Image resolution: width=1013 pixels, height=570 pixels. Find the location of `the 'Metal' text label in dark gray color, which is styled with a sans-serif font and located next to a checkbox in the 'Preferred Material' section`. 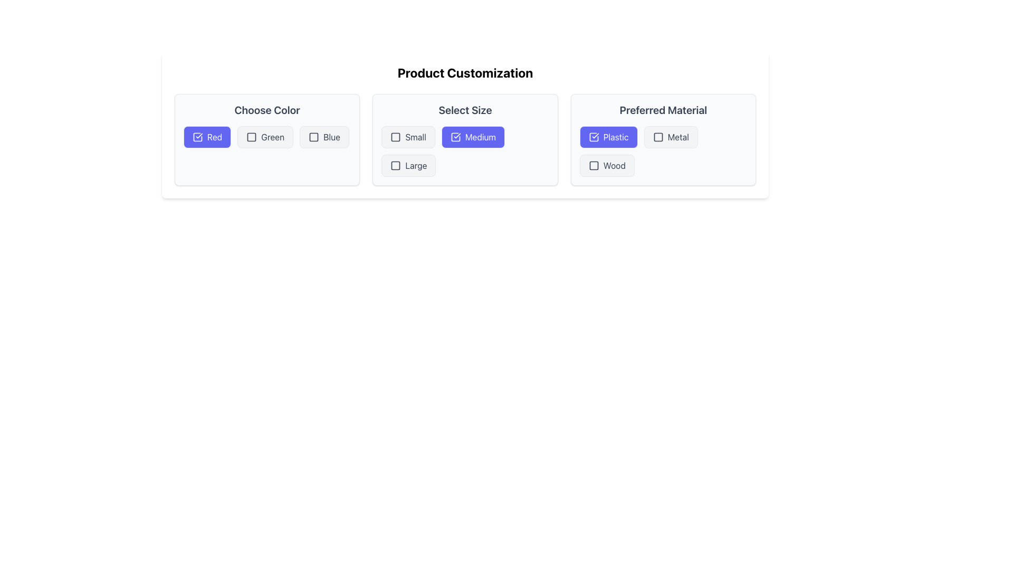

the 'Metal' text label in dark gray color, which is styled with a sans-serif font and located next to a checkbox in the 'Preferred Material' section is located at coordinates (678, 136).